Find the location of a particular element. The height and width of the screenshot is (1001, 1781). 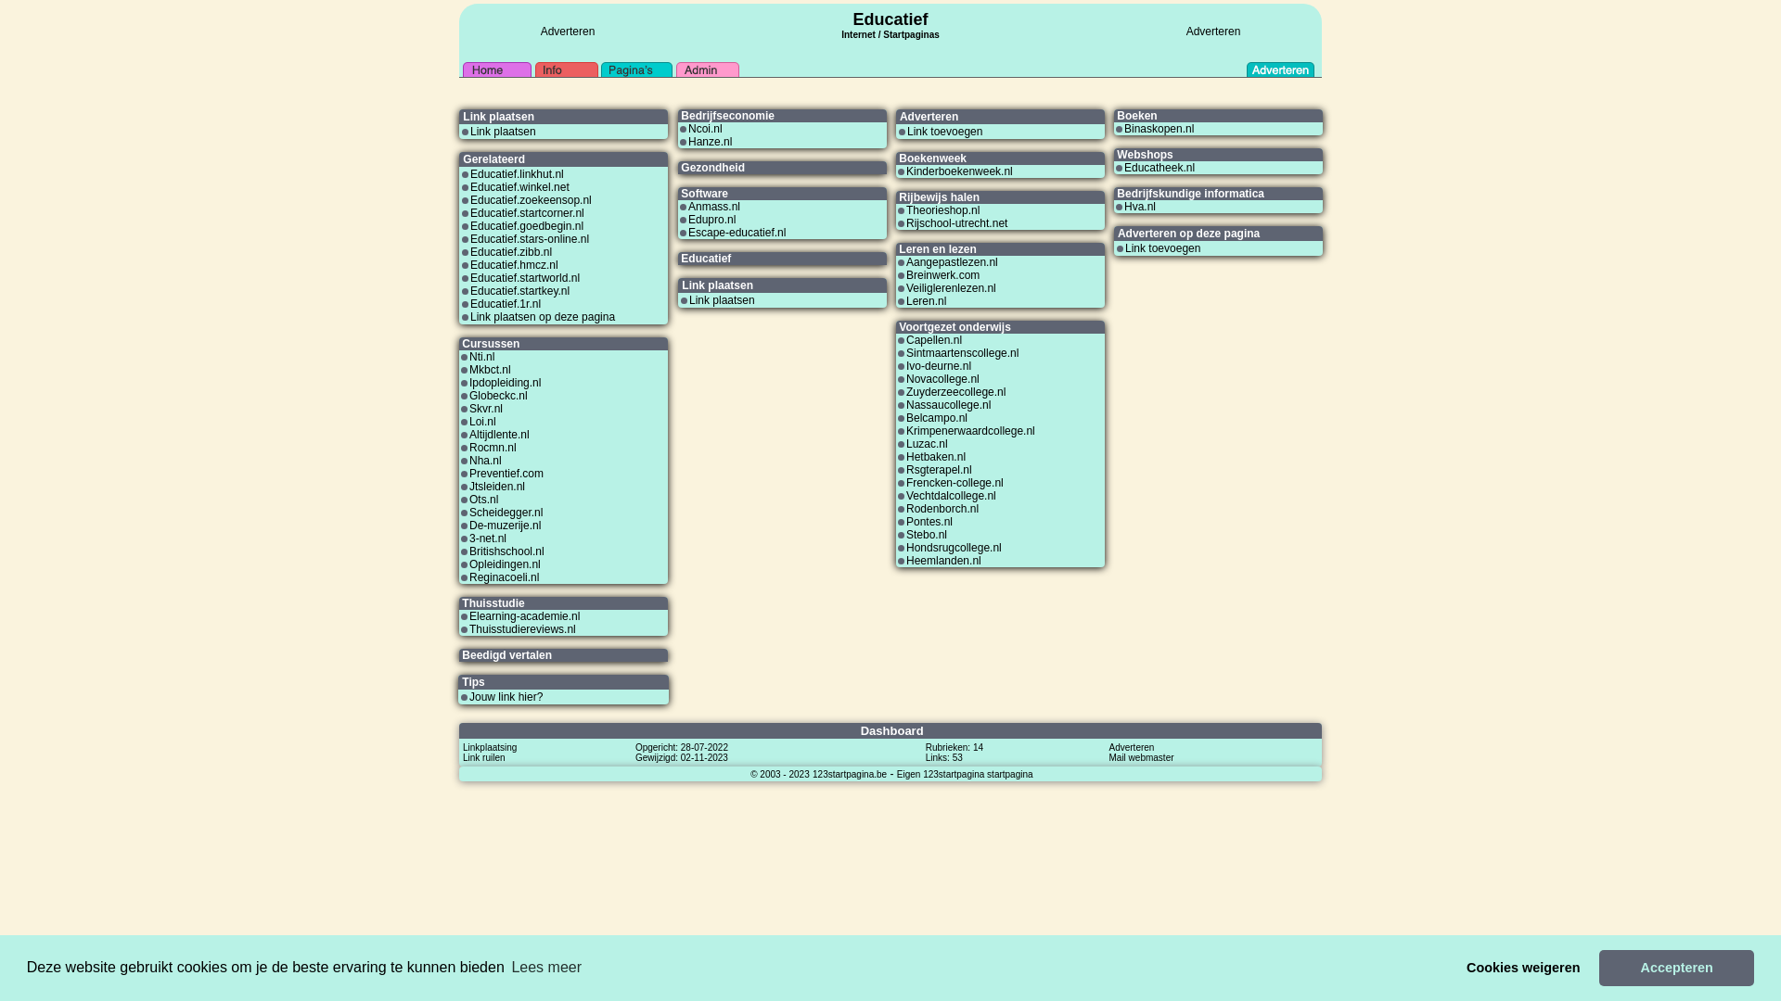

'Link toevoegen' is located at coordinates (1161, 247).